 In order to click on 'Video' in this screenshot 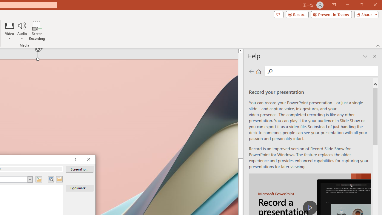, I will do `click(10, 31)`.